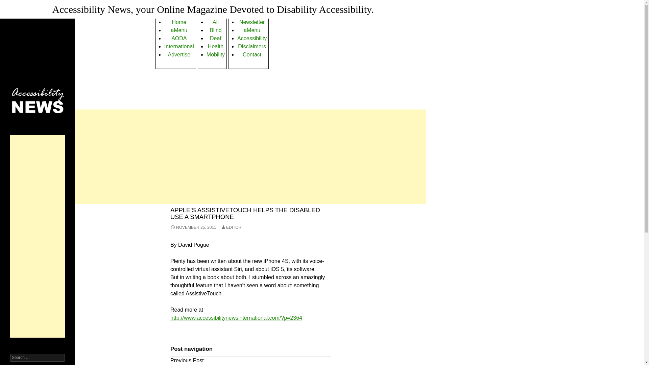 This screenshot has width=649, height=365. Describe the element at coordinates (179, 30) in the screenshot. I see `'aMenu'` at that location.